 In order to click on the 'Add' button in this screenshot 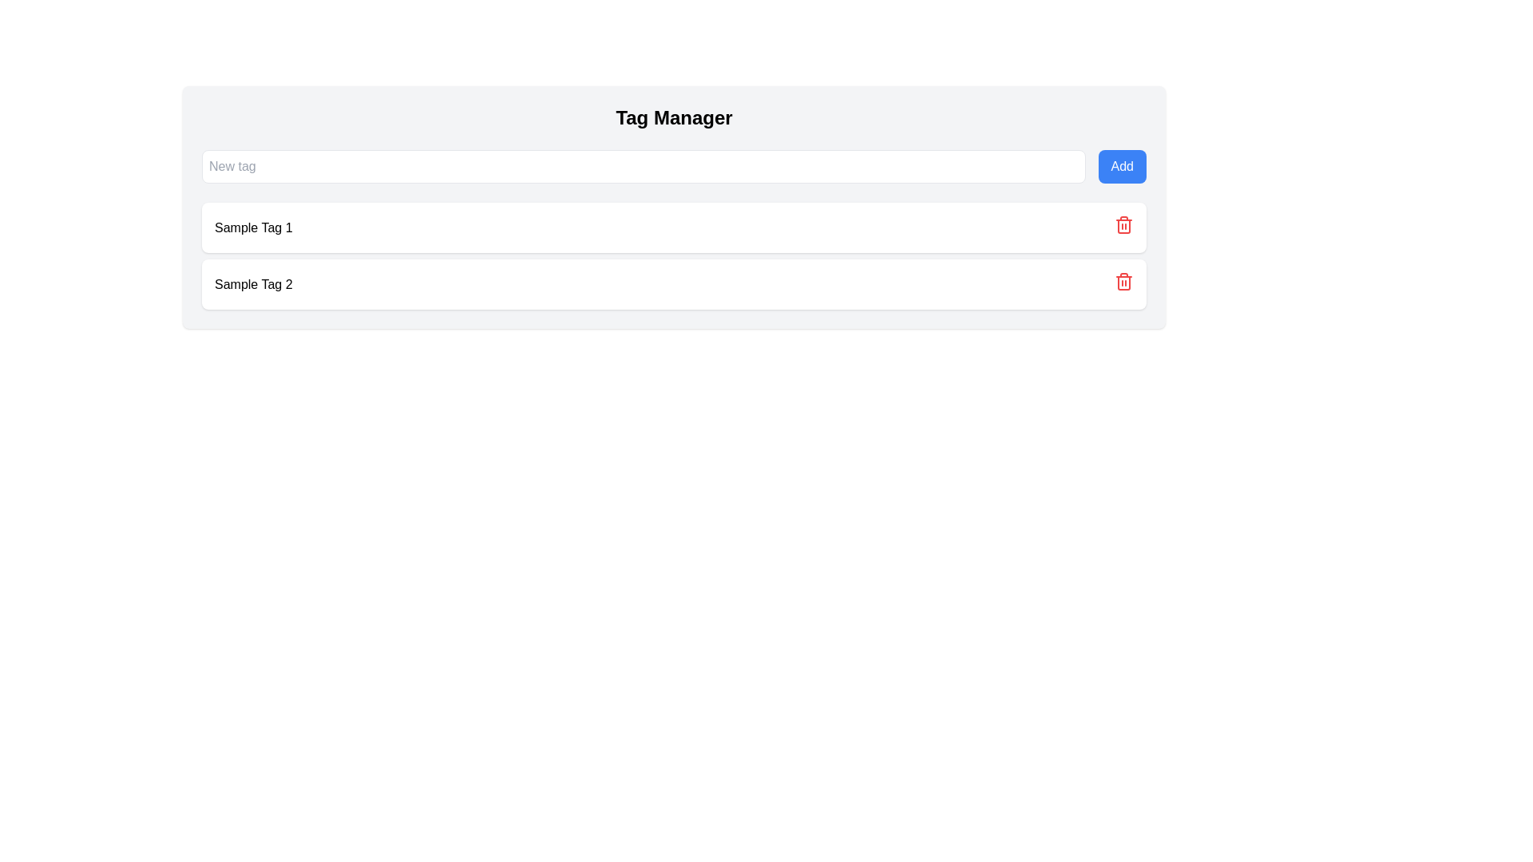, I will do `click(1121, 166)`.